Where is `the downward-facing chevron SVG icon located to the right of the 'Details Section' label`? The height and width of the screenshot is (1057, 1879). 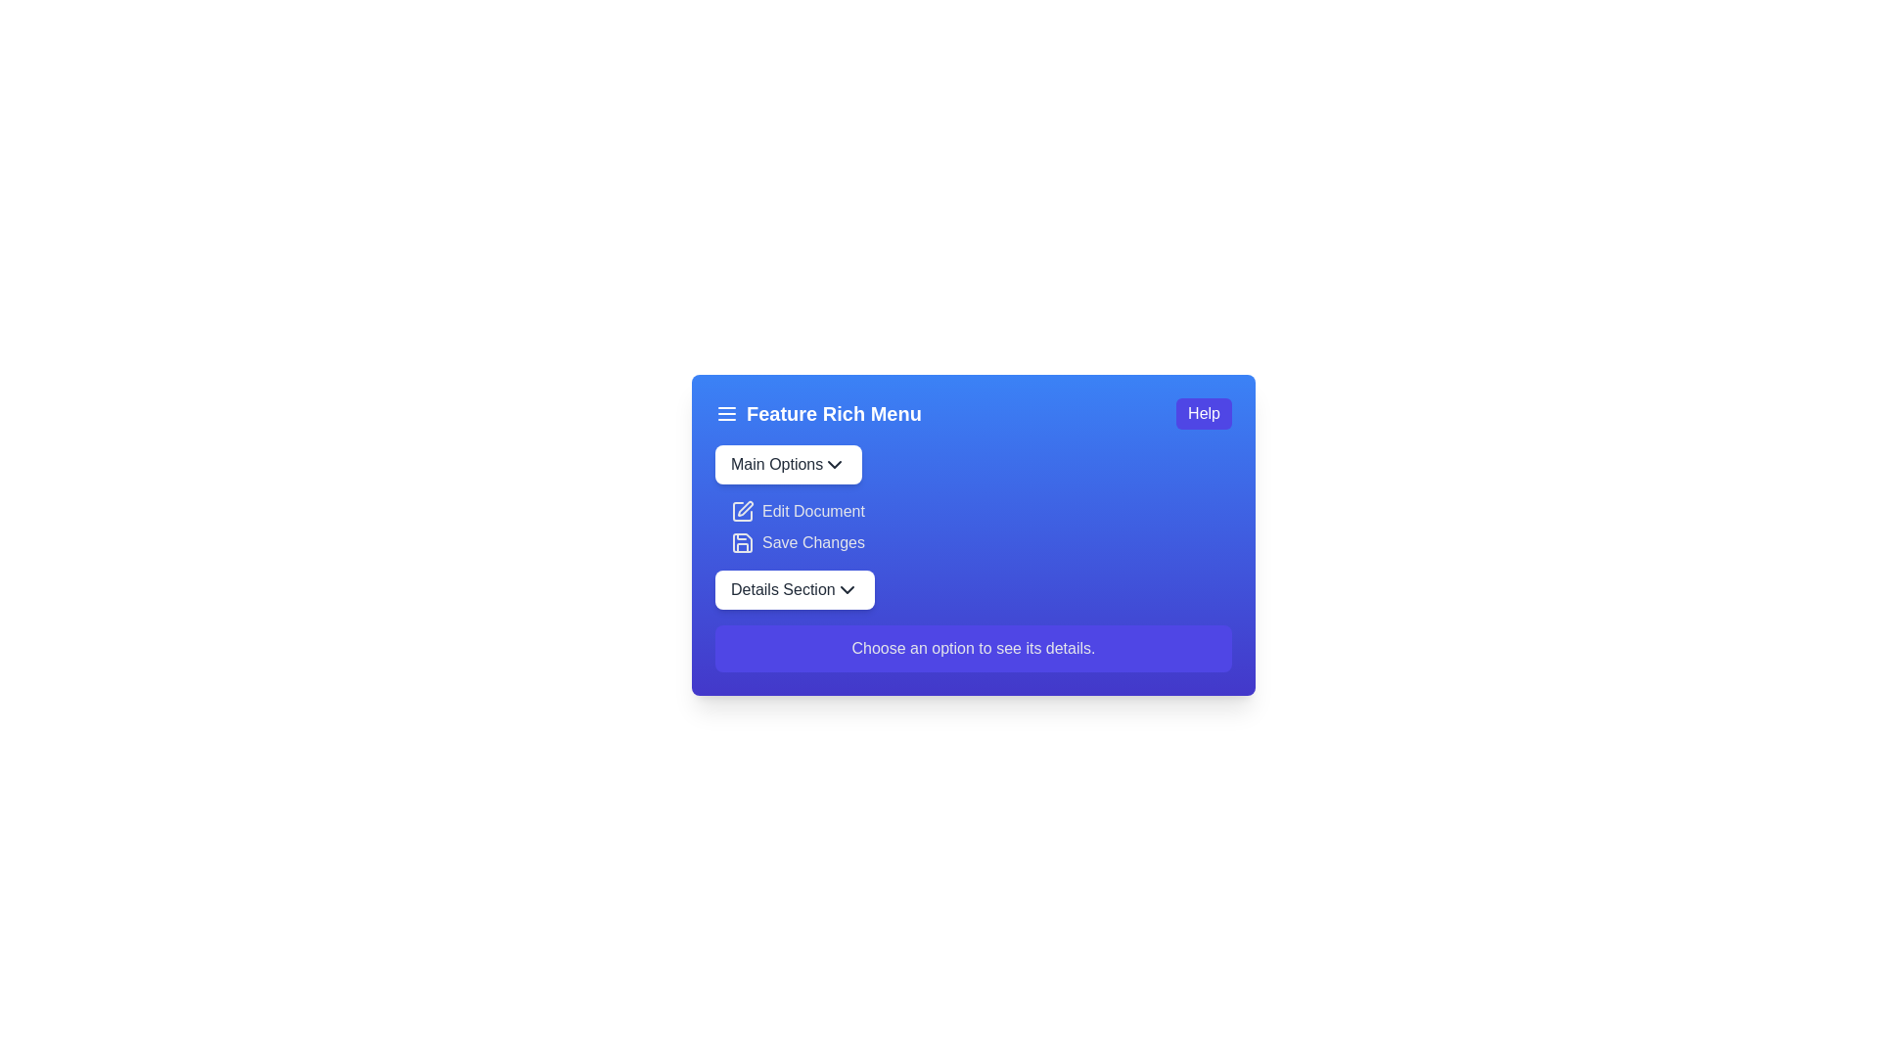
the downward-facing chevron SVG icon located to the right of the 'Details Section' label is located at coordinates (847, 588).